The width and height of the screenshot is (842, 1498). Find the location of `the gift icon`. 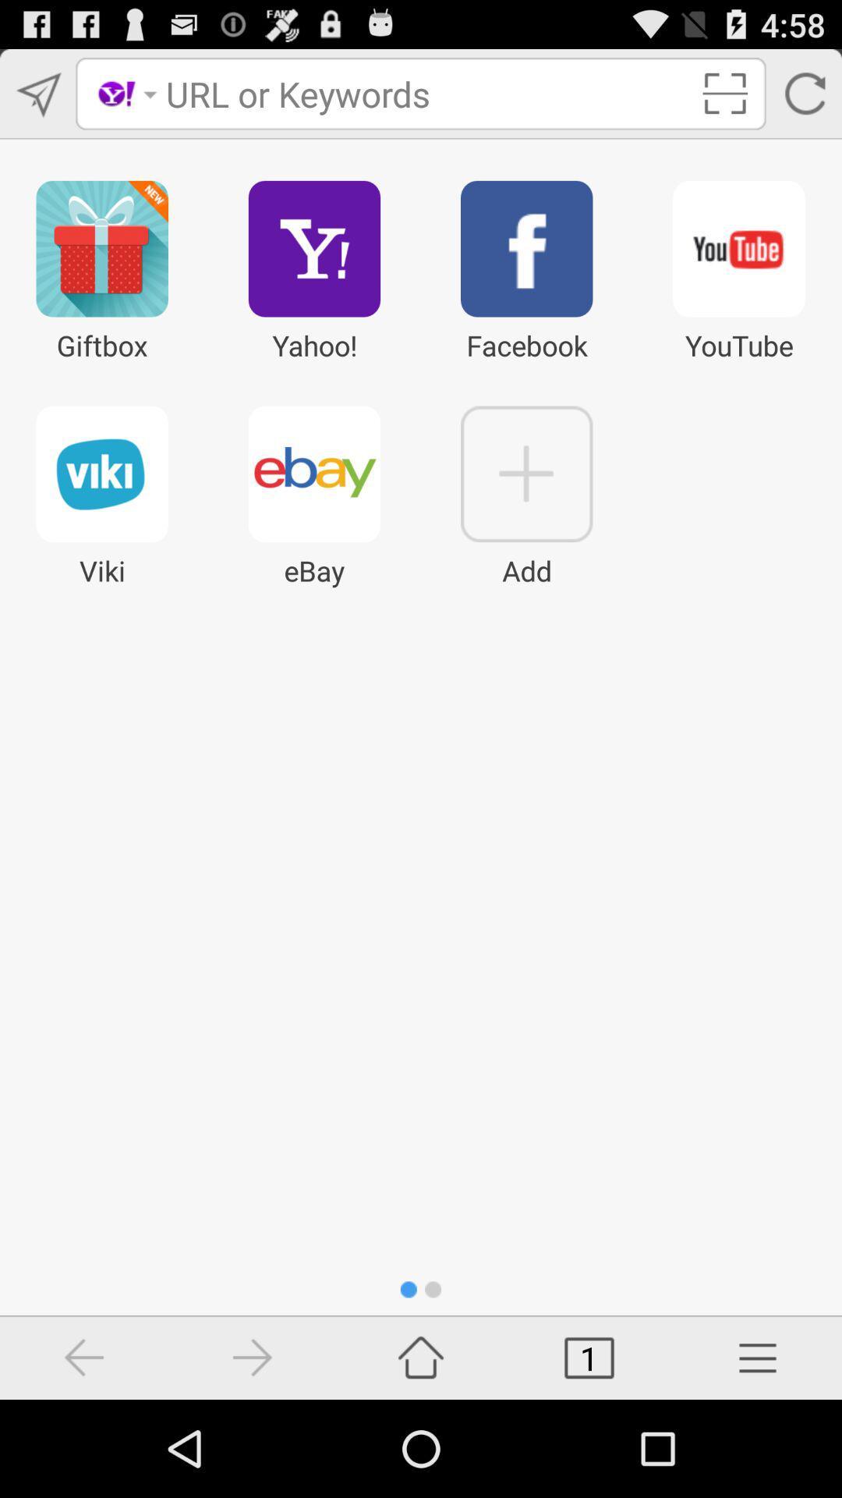

the gift icon is located at coordinates (102, 280).